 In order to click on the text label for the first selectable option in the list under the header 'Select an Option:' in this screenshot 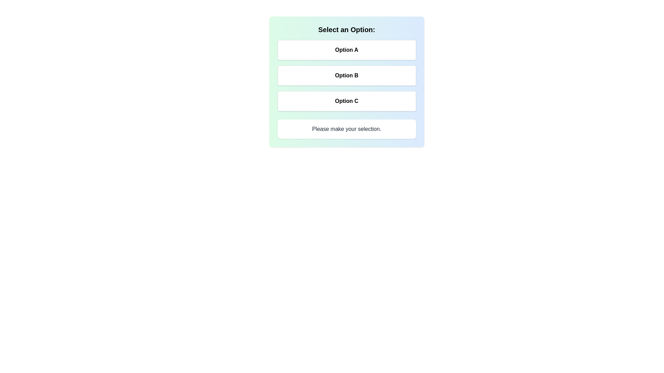, I will do `click(347, 50)`.